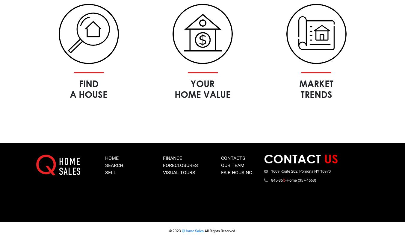 The image size is (405, 240). I want to click on 'Find', so click(88, 83).